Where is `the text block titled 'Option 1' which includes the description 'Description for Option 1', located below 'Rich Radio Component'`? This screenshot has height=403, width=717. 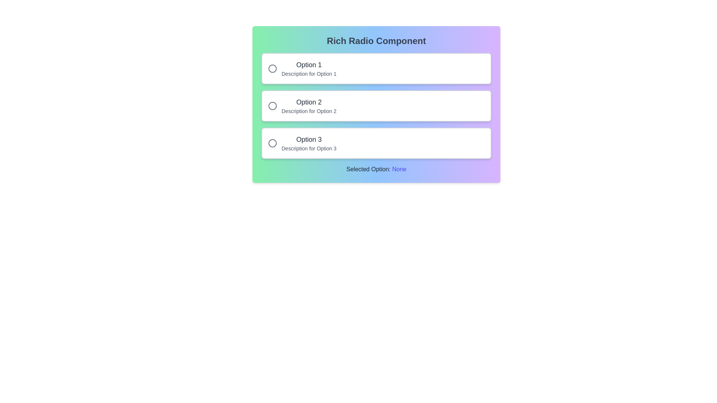 the text block titled 'Option 1' which includes the description 'Description for Option 1', located below 'Rich Radio Component' is located at coordinates (309, 69).